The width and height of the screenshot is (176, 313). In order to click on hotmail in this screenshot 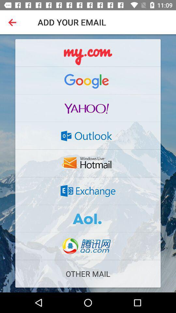, I will do `click(88, 163)`.